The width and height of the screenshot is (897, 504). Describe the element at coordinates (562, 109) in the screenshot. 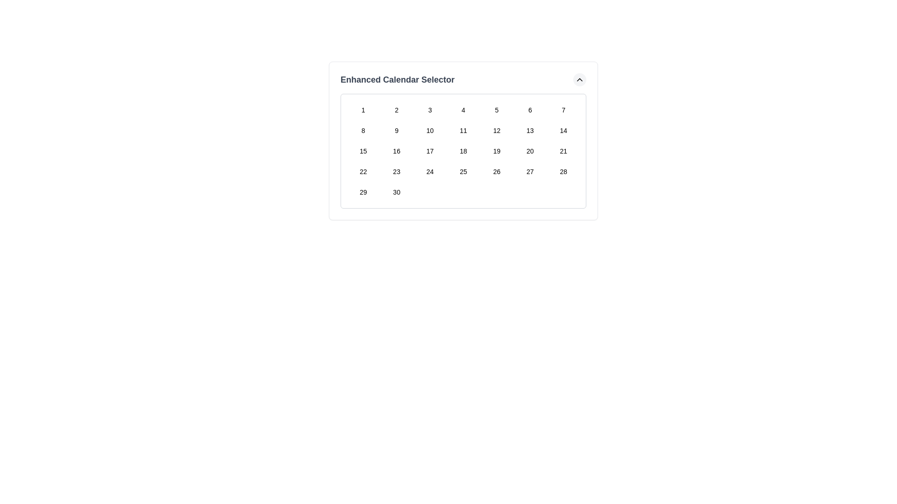

I see `the rounded square button labeled '7'` at that location.